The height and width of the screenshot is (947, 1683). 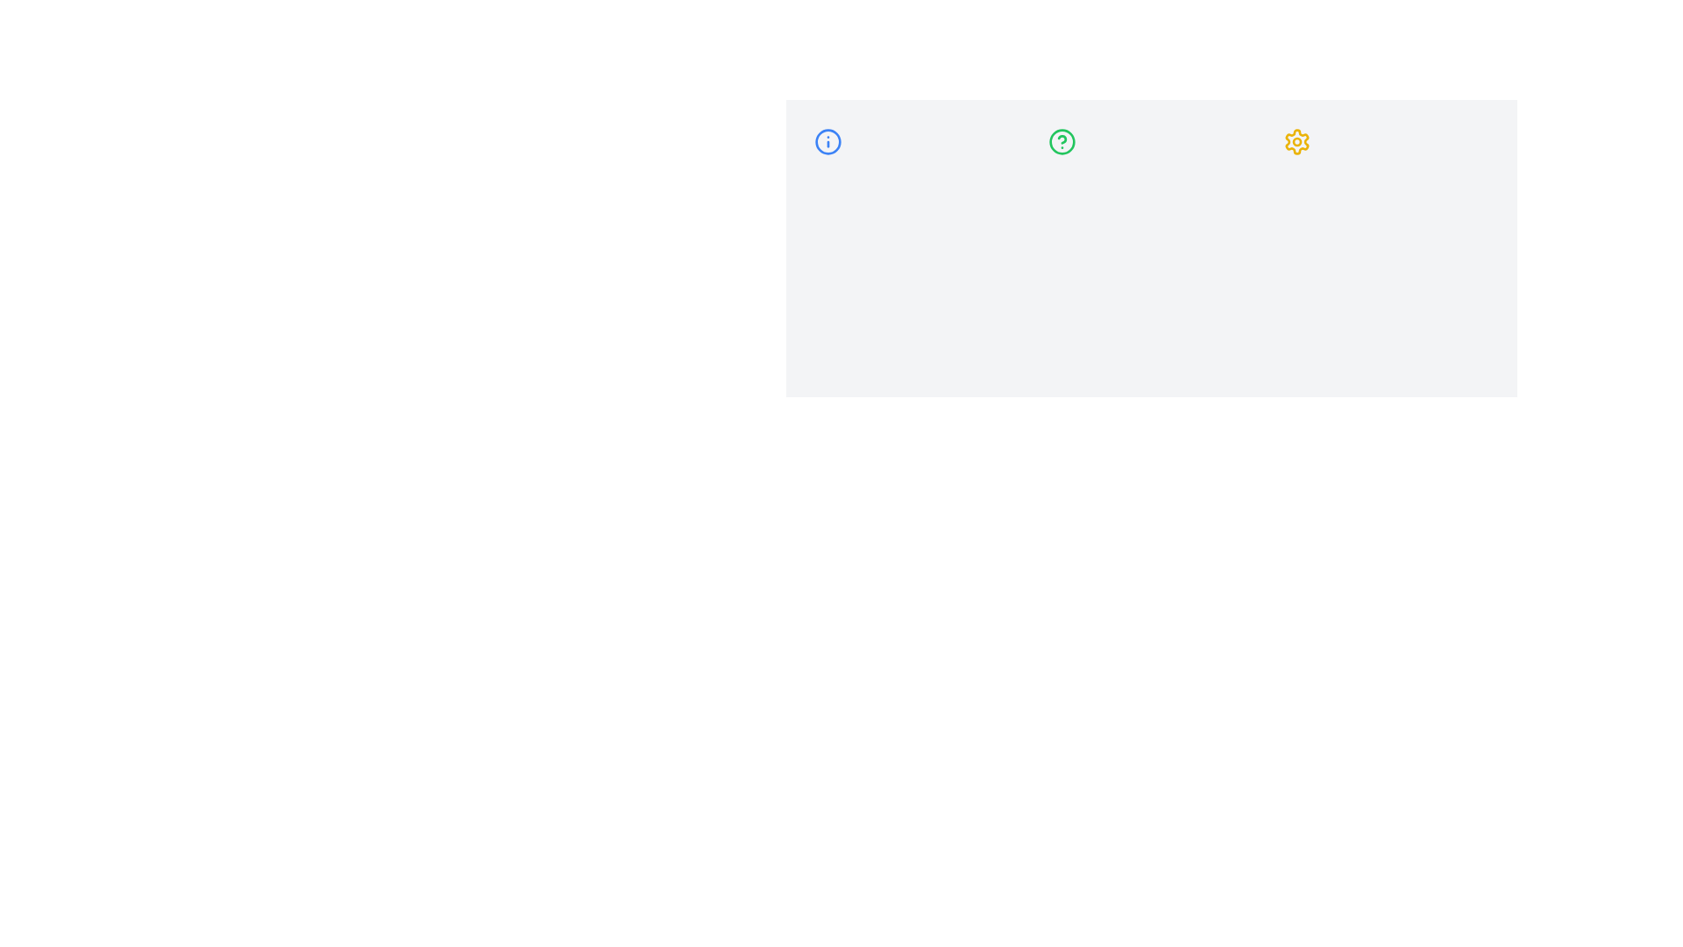 What do you see at coordinates (1062, 141) in the screenshot?
I see `the decorative circular part of the question mark icon, which is the middle icon in a horizontal row of three icons` at bounding box center [1062, 141].